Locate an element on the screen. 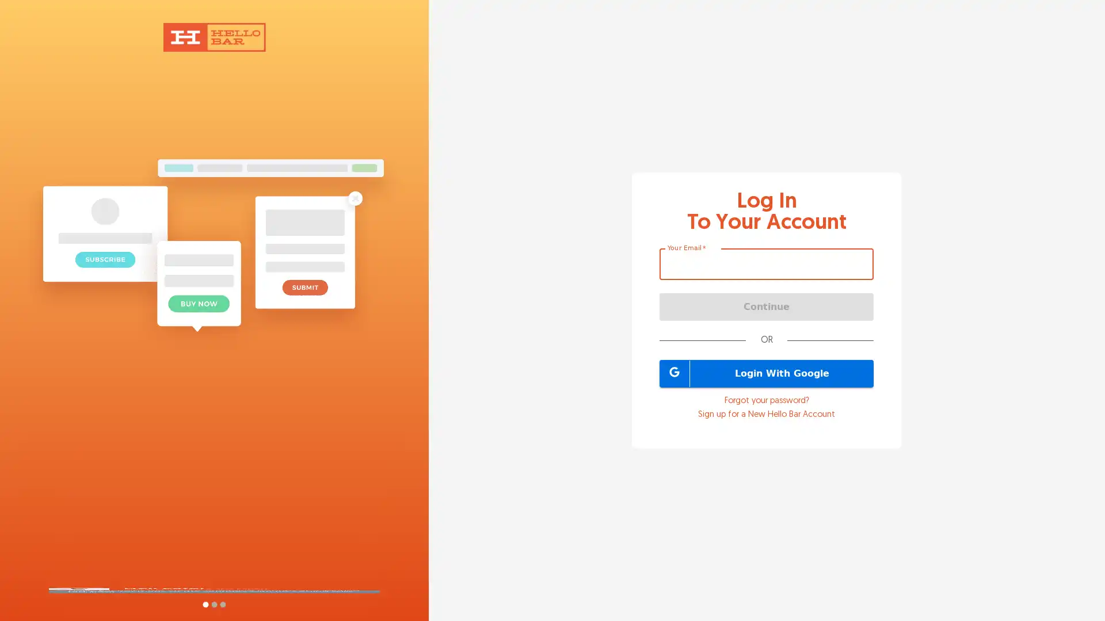 This screenshot has height=621, width=1105. carousel indicator 3 is located at coordinates (222, 604).